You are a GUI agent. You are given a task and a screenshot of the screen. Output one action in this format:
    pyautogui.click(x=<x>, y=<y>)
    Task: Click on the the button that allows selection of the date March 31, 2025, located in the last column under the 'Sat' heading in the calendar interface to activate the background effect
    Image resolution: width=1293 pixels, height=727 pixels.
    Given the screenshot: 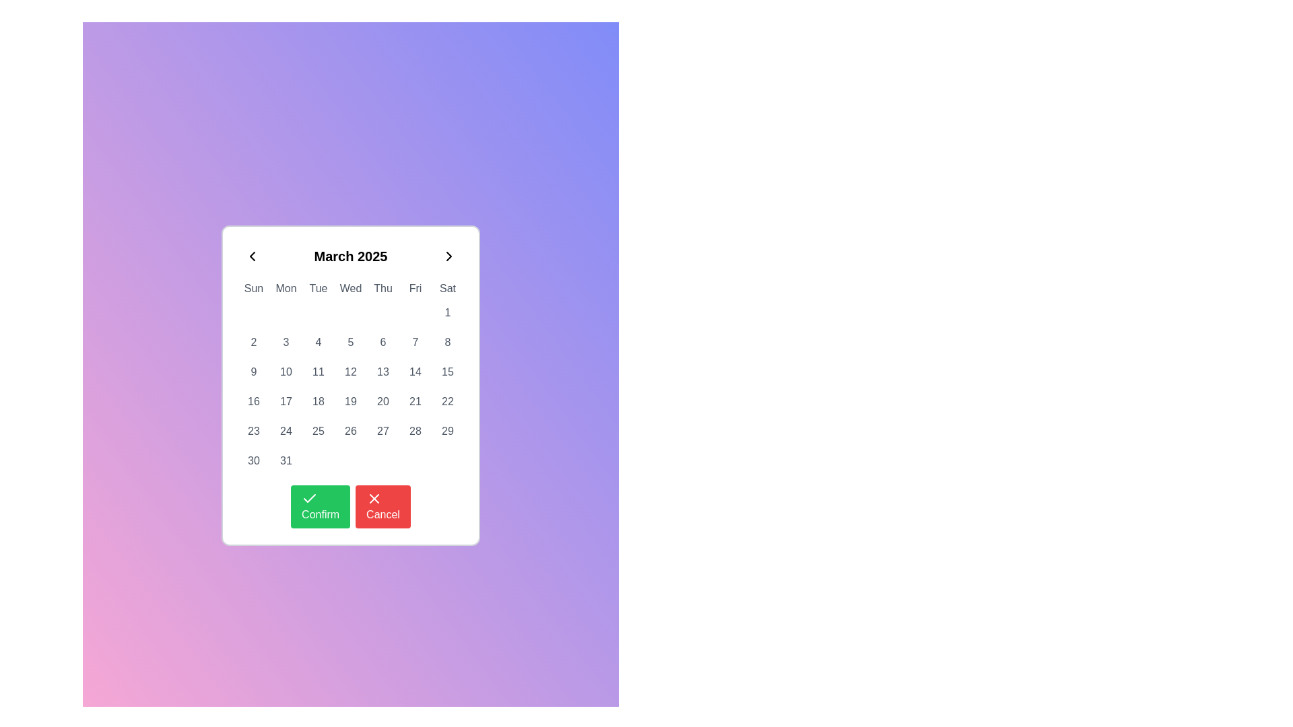 What is the action you would take?
    pyautogui.click(x=286, y=460)
    